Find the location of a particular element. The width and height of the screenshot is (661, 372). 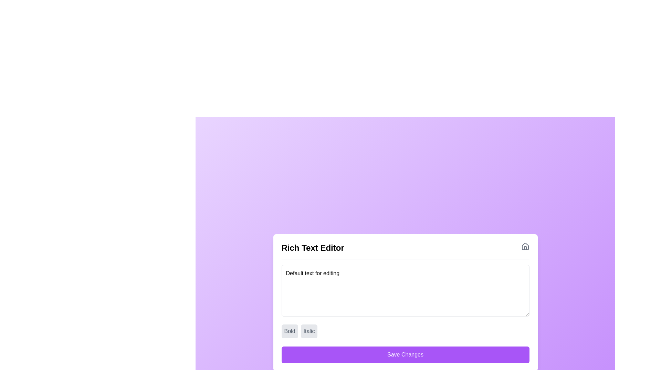

the 'Italic' button, which is a rectangular button with rounded edges, light gray background, and darker gray text, to apply italic formatting is located at coordinates (308, 331).